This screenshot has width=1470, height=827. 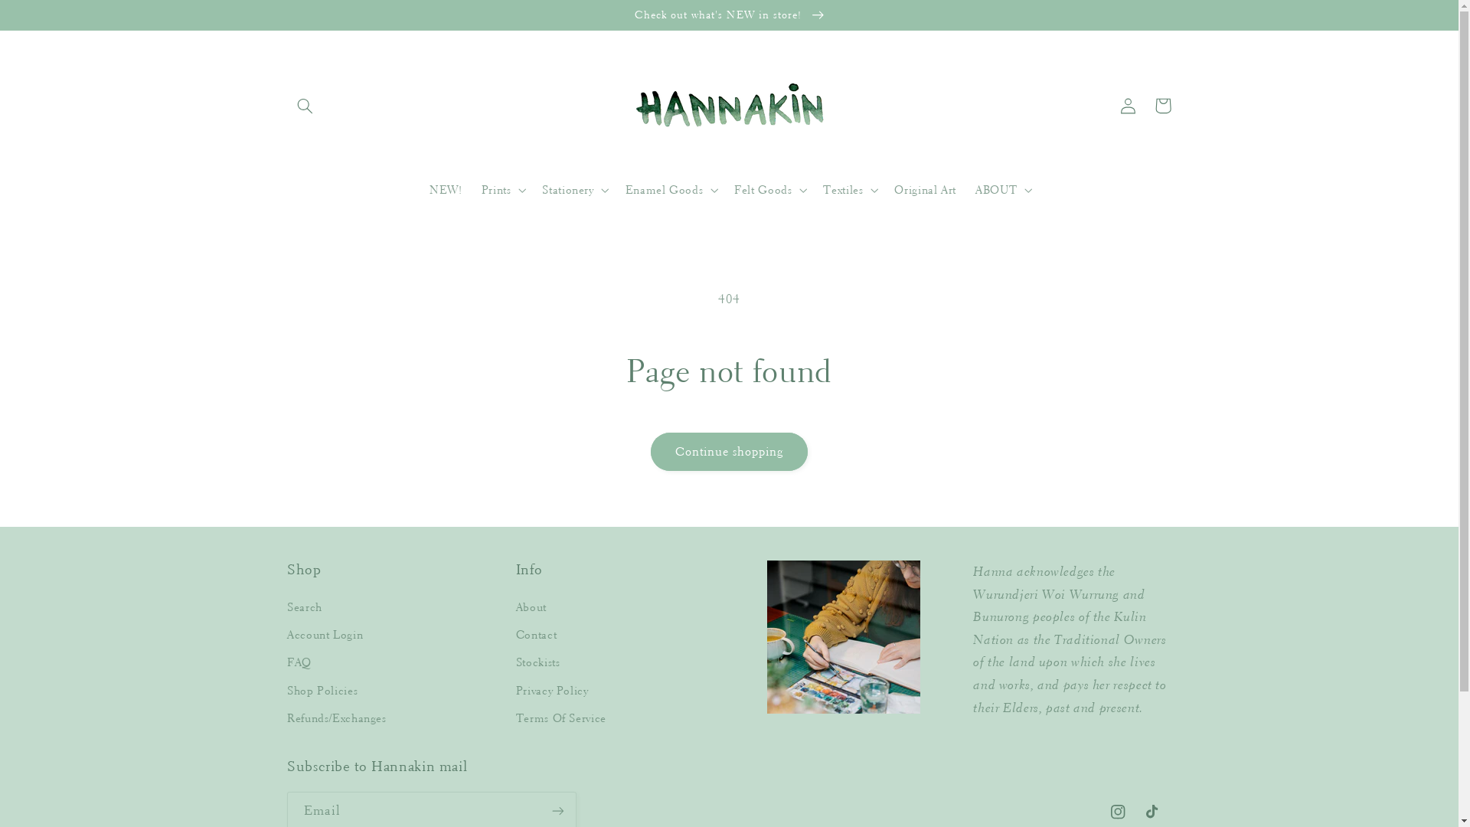 What do you see at coordinates (444, 190) in the screenshot?
I see `'NEW!'` at bounding box center [444, 190].